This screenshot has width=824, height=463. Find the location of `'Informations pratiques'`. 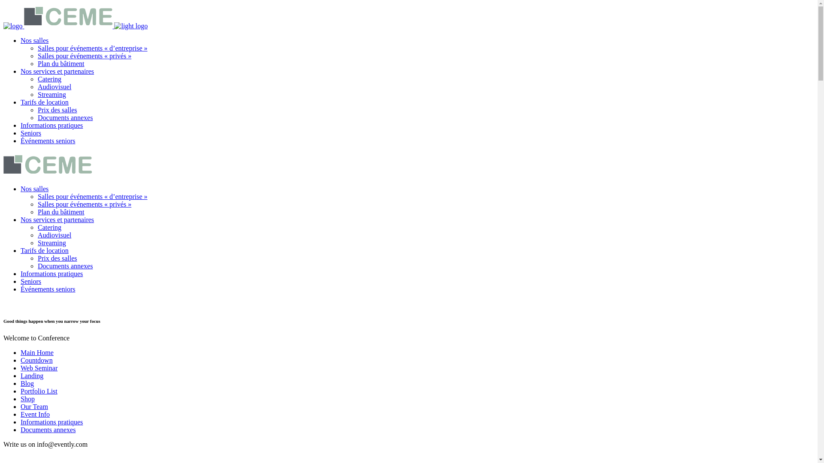

'Informations pratiques' is located at coordinates (21, 274).